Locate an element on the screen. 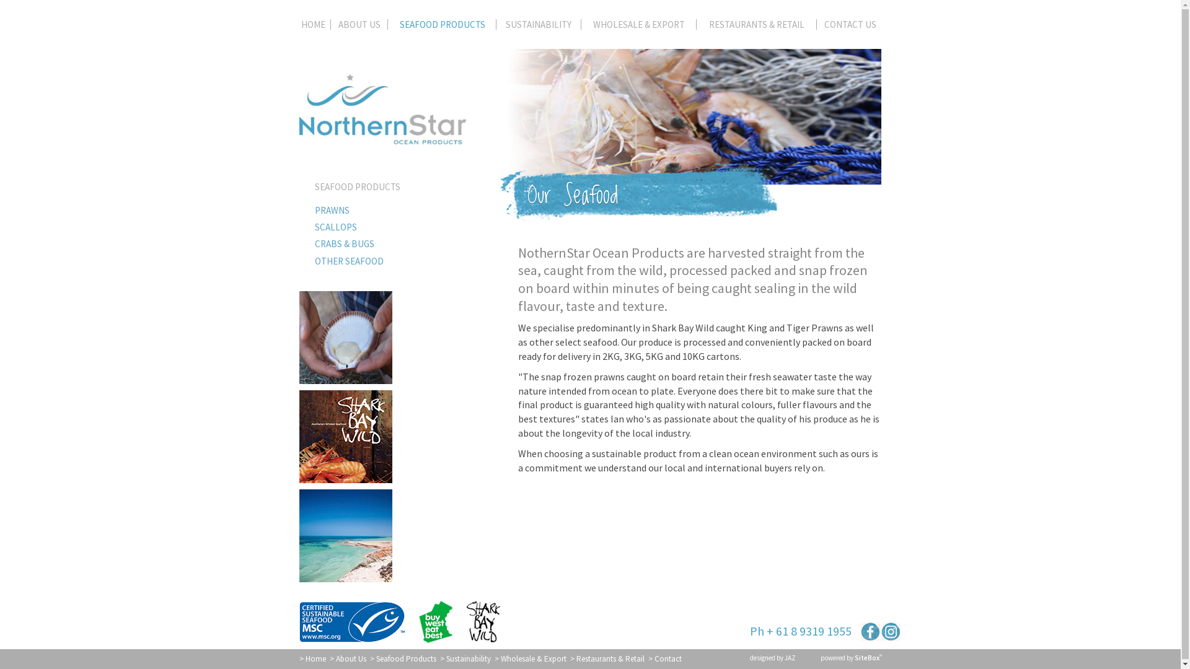  ' ' is located at coordinates (870, 631).